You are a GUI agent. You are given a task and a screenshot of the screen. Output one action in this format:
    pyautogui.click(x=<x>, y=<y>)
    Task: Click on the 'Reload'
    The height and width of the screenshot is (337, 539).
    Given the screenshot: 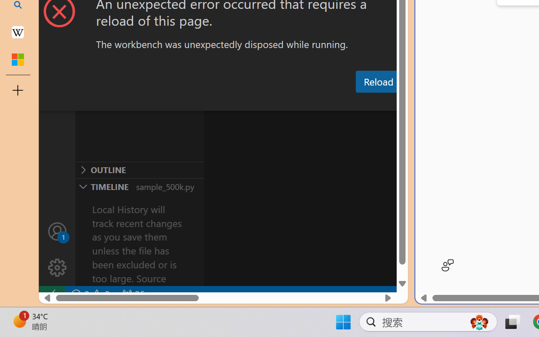 What is the action you would take?
    pyautogui.click(x=378, y=81)
    